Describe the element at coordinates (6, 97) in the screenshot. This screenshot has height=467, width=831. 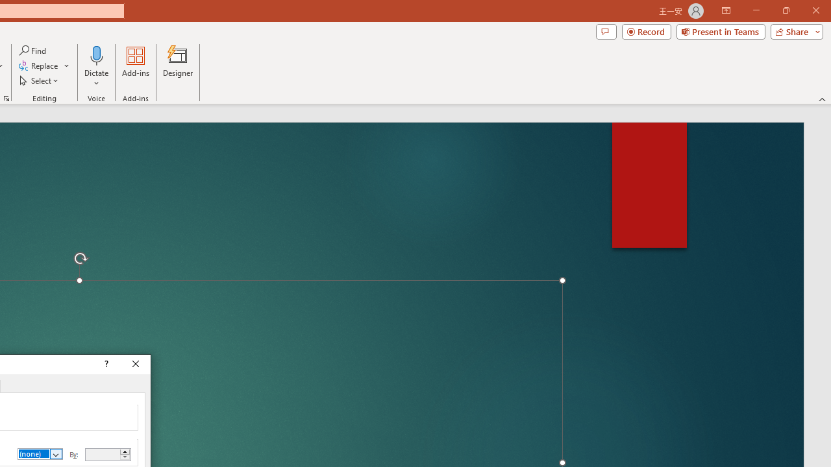
I see `'Format Object...'` at that location.